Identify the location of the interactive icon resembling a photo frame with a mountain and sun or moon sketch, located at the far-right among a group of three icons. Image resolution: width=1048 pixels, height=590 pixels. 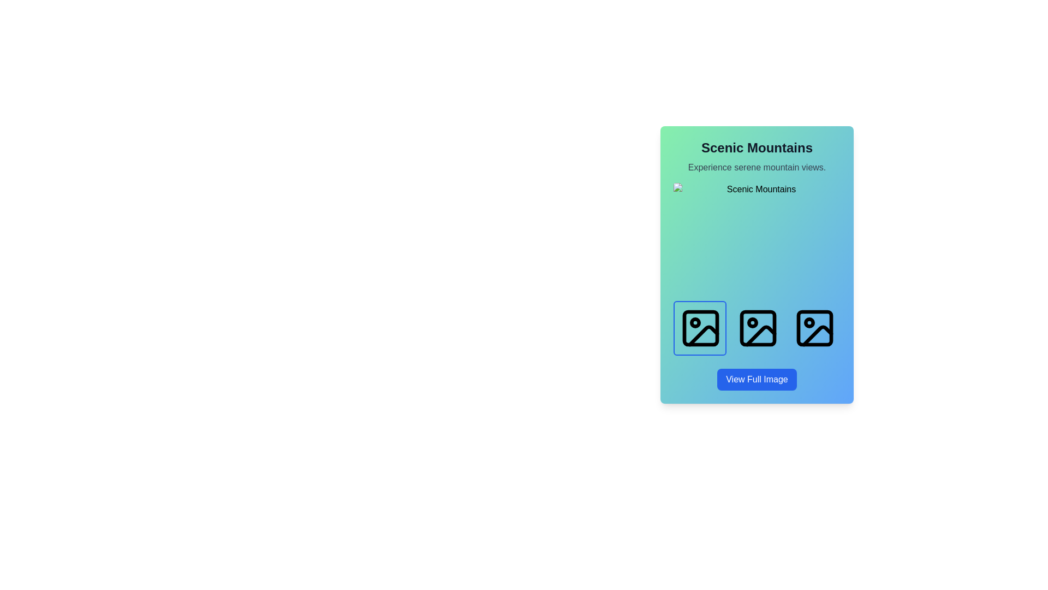
(814, 328).